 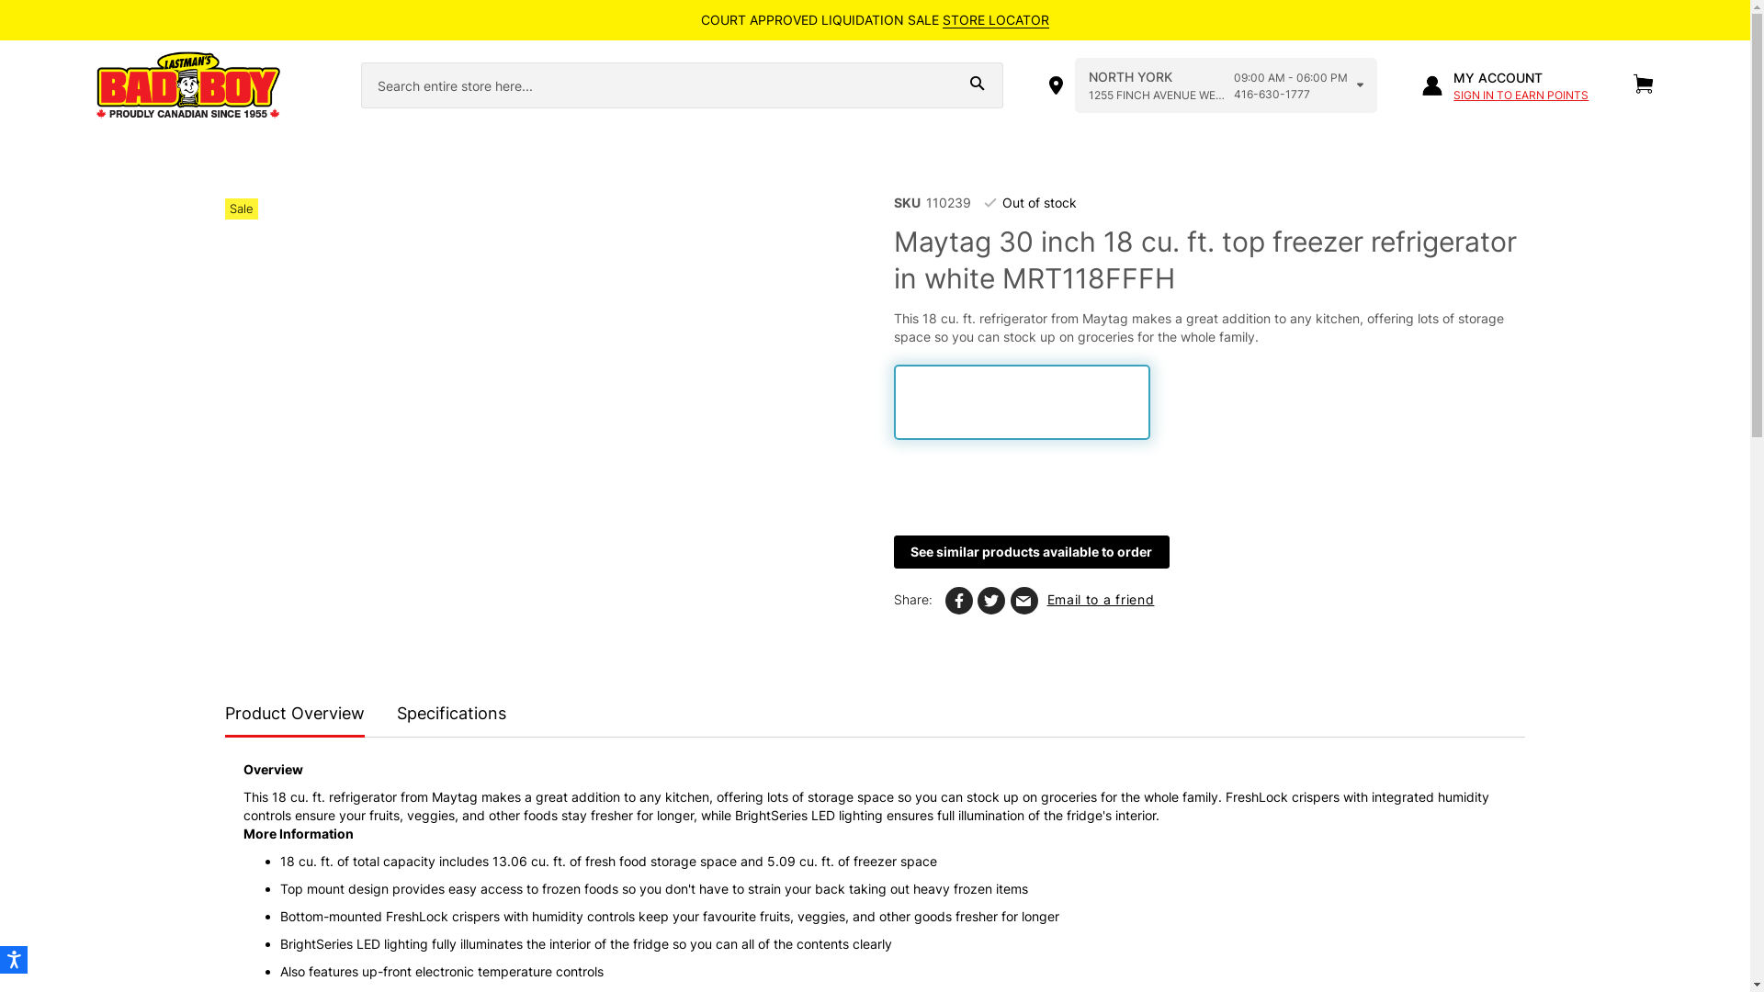 What do you see at coordinates (295, 716) in the screenshot?
I see `'Product Overview'` at bounding box center [295, 716].